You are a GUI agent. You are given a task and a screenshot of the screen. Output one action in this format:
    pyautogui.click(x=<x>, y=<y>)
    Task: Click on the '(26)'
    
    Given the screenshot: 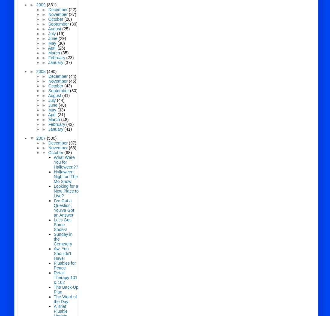 What is the action you would take?
    pyautogui.click(x=57, y=48)
    